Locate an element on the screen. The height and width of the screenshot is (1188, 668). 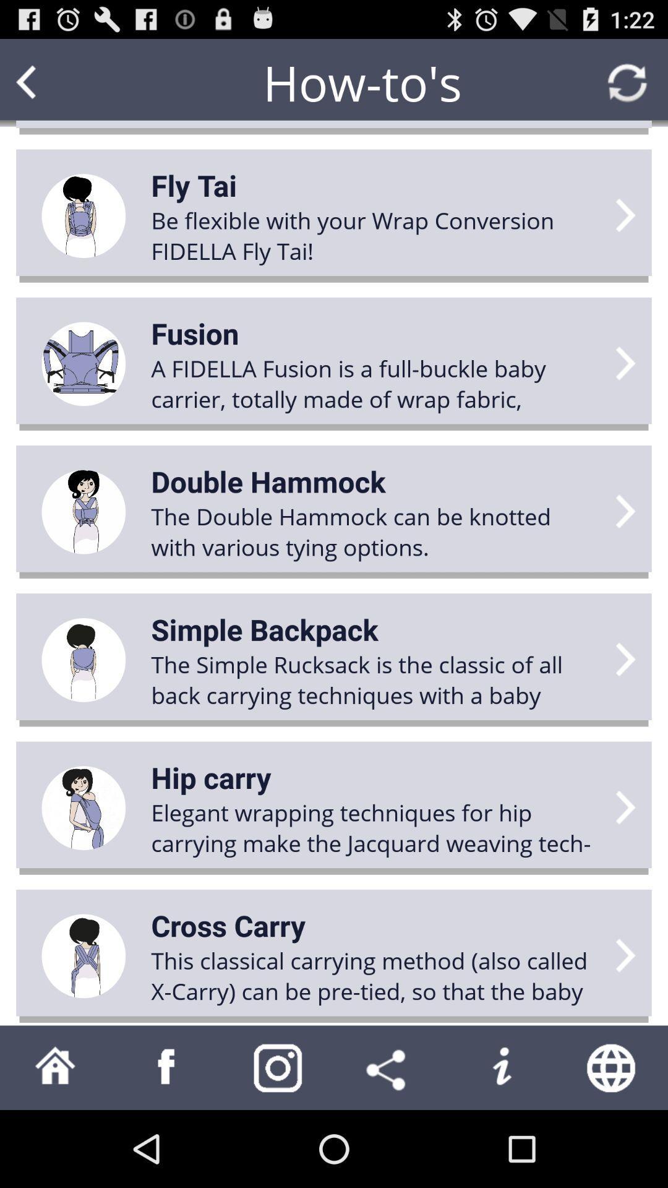
refresh list is located at coordinates (627, 82).